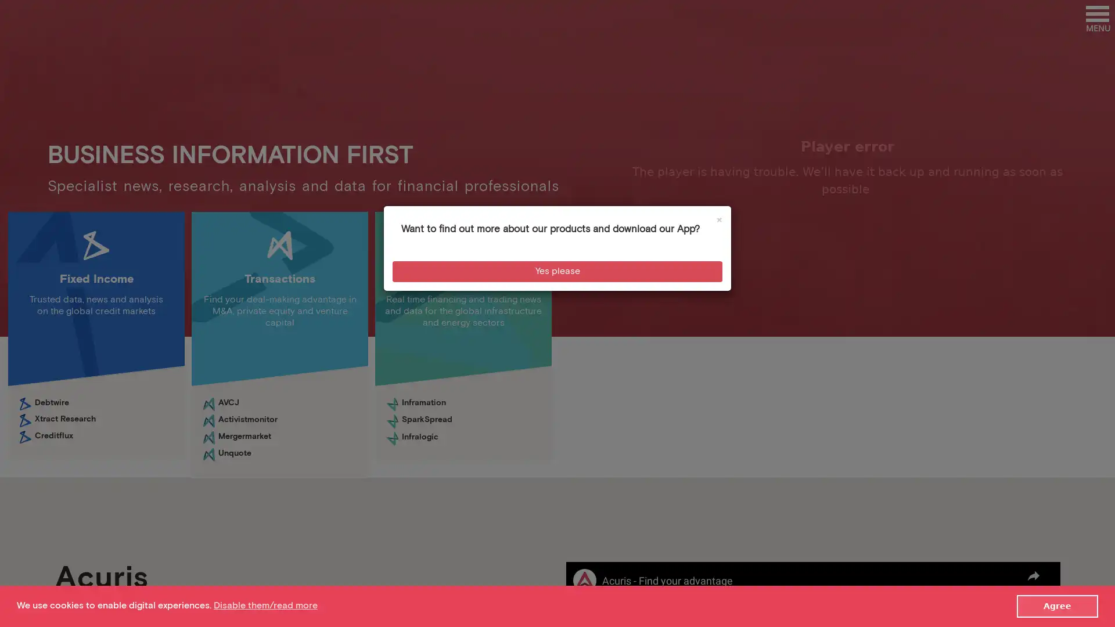  What do you see at coordinates (1057, 606) in the screenshot?
I see `dismiss cookie message` at bounding box center [1057, 606].